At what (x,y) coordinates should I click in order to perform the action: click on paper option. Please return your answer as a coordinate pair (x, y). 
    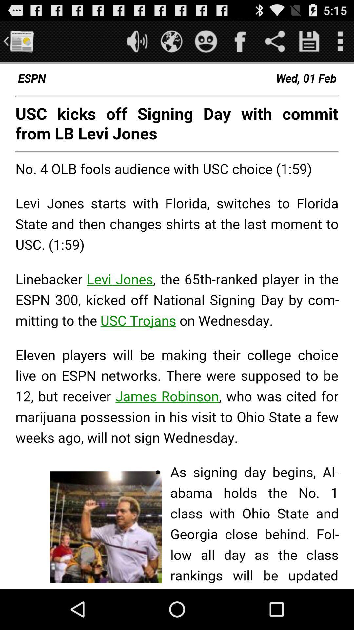
    Looking at the image, I should click on (21, 41).